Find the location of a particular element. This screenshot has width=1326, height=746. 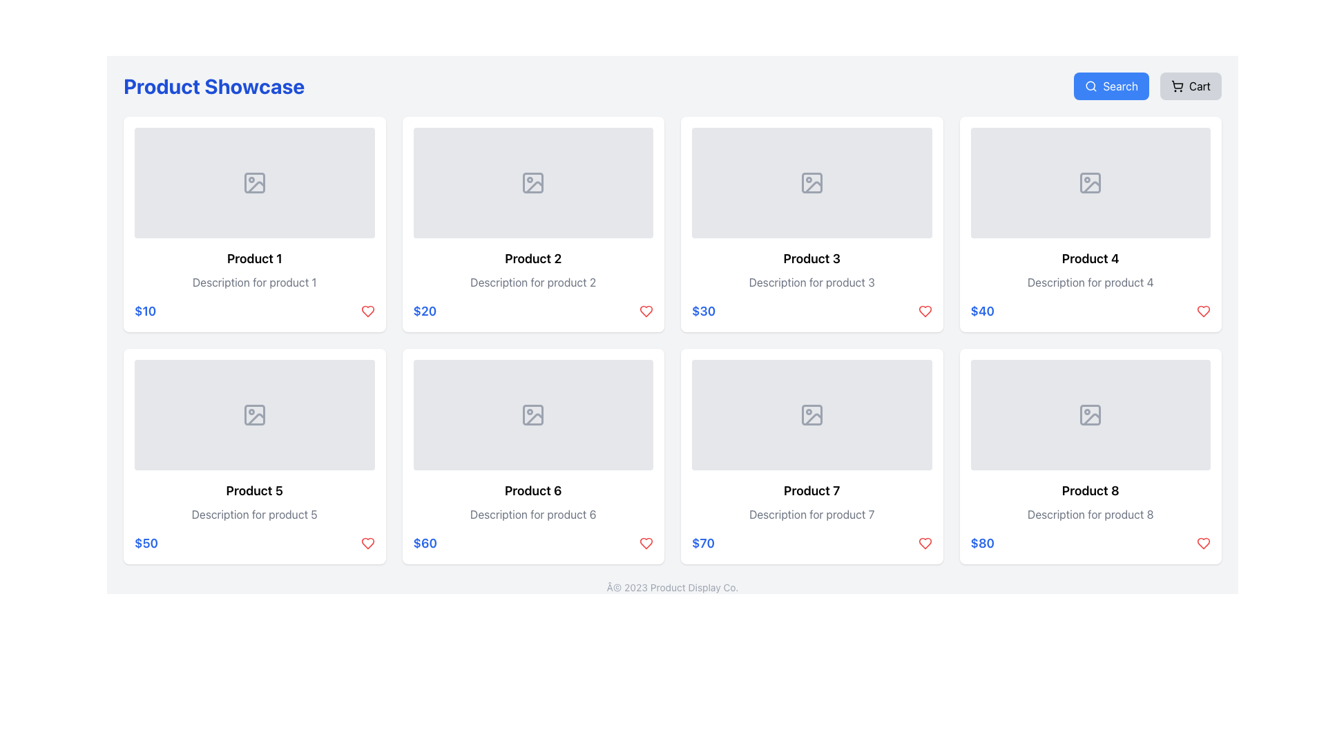

the price label located at the bottom section of the sixth card in the grid layout, which displays the product price is located at coordinates (424, 542).